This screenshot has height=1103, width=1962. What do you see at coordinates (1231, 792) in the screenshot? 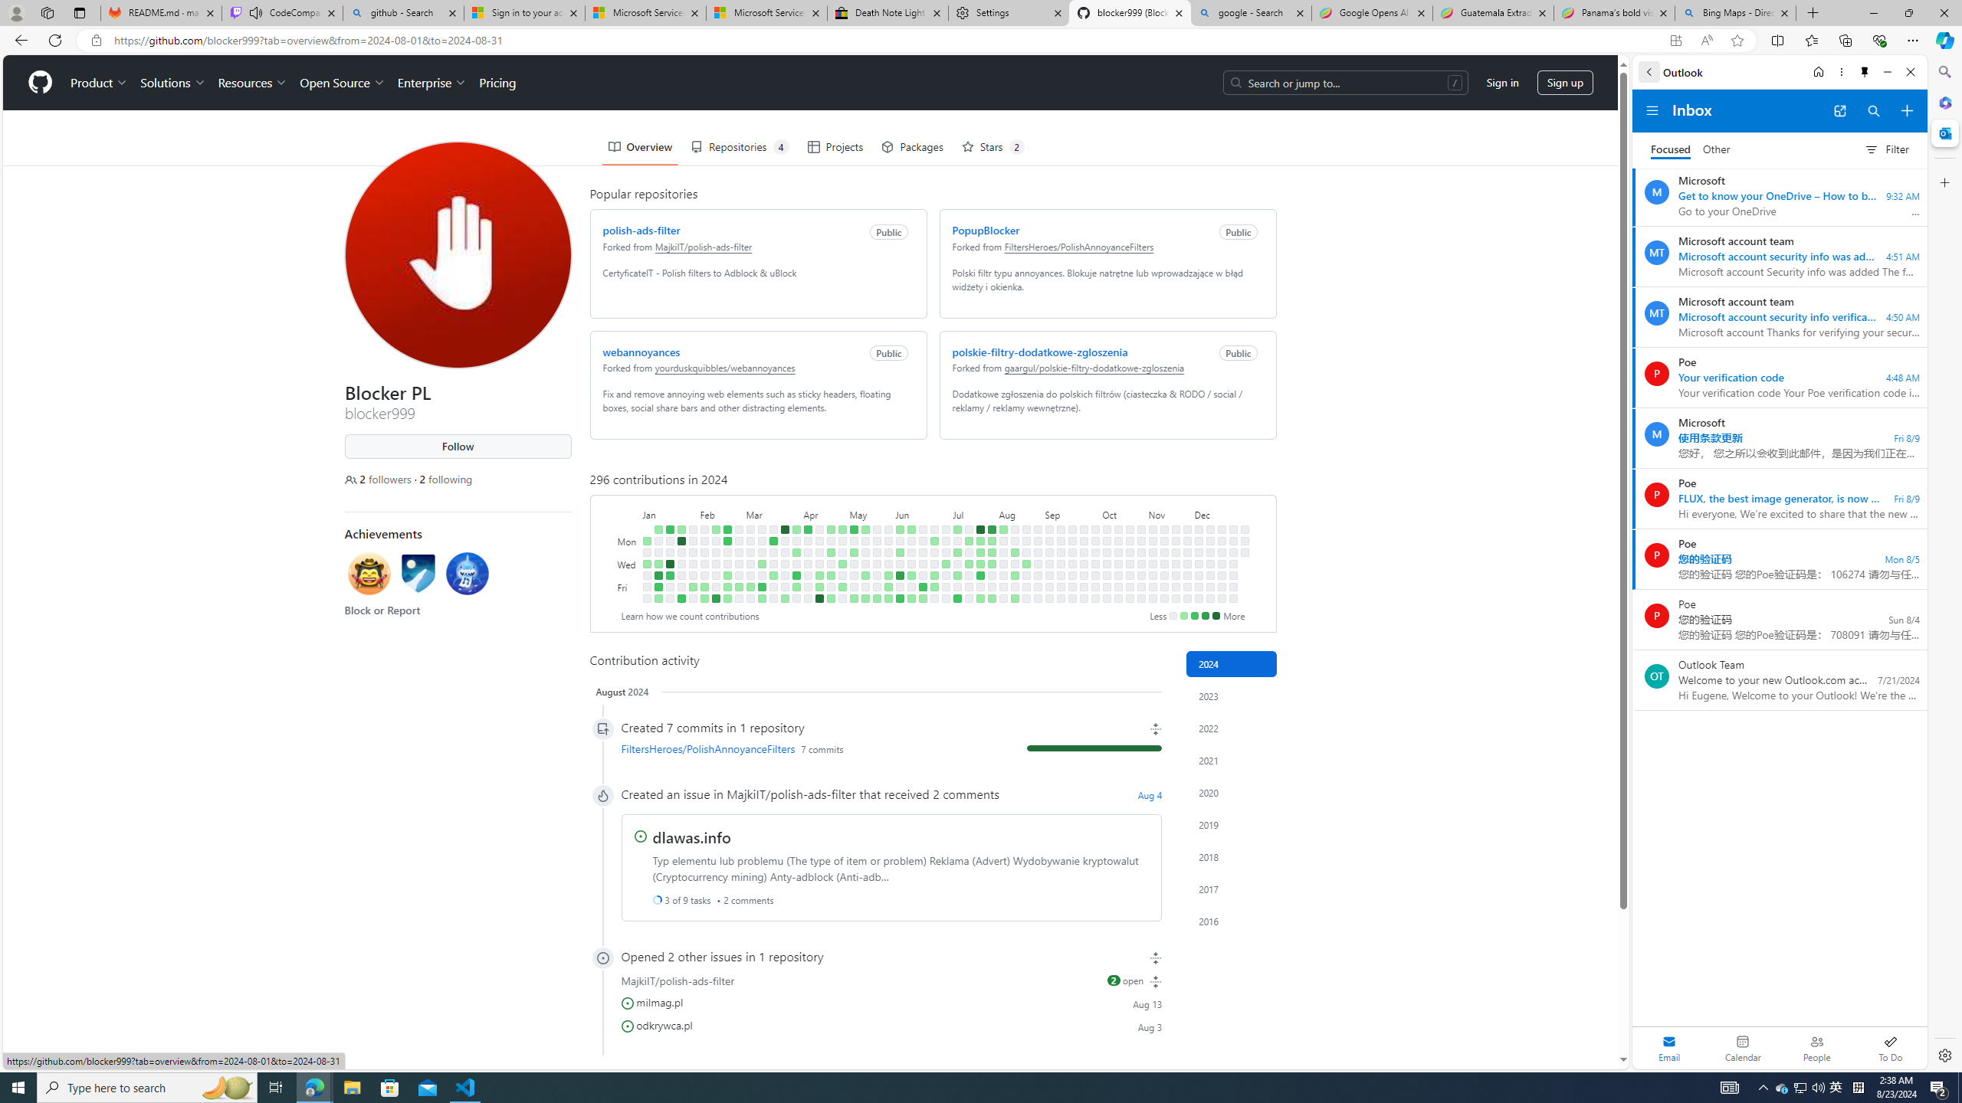
I see `'2020'` at bounding box center [1231, 792].